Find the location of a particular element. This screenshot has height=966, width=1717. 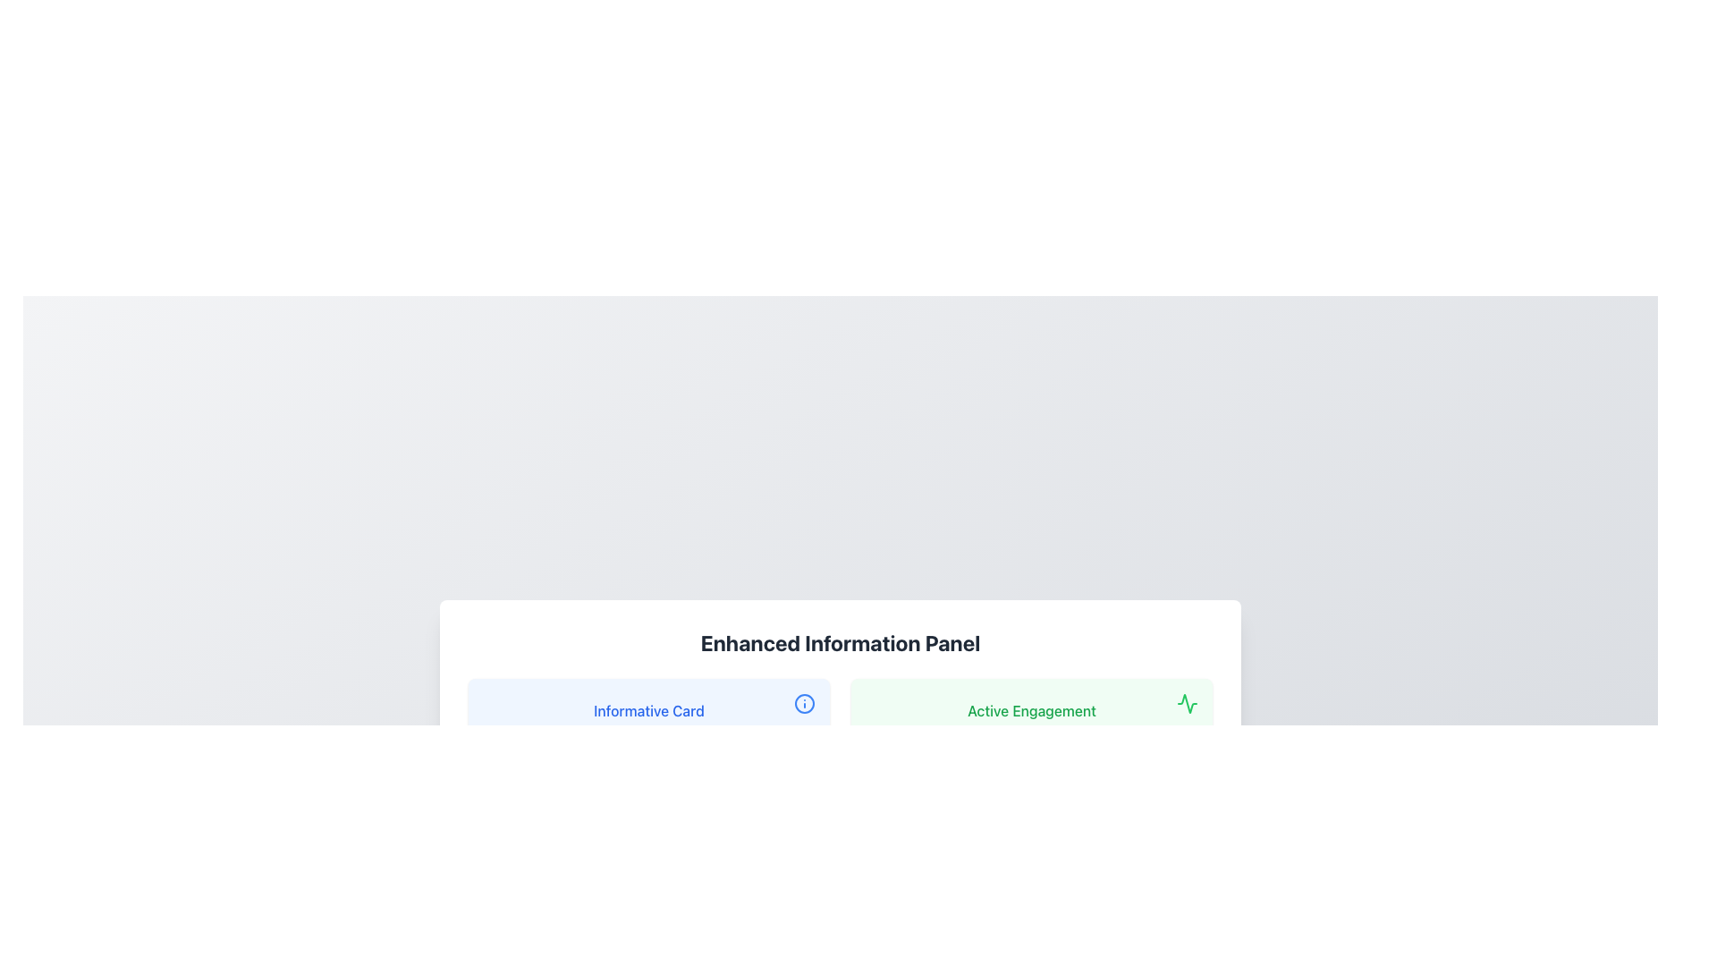

the Information Card located at the bottom left corner of the grid layout, which provides access to validation tools for content verification is located at coordinates (647, 871).